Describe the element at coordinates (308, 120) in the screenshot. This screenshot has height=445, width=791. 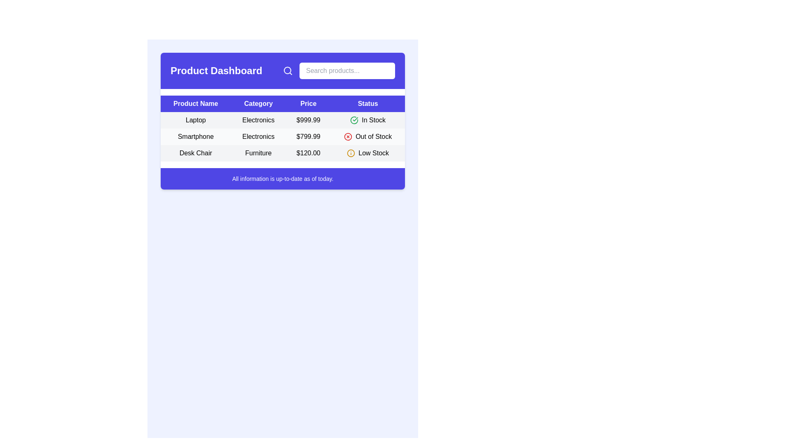
I see `the static text element displaying the product price in the first row of the table, which is located between the 'Electronics' category and the 'In Stock' status` at that location.